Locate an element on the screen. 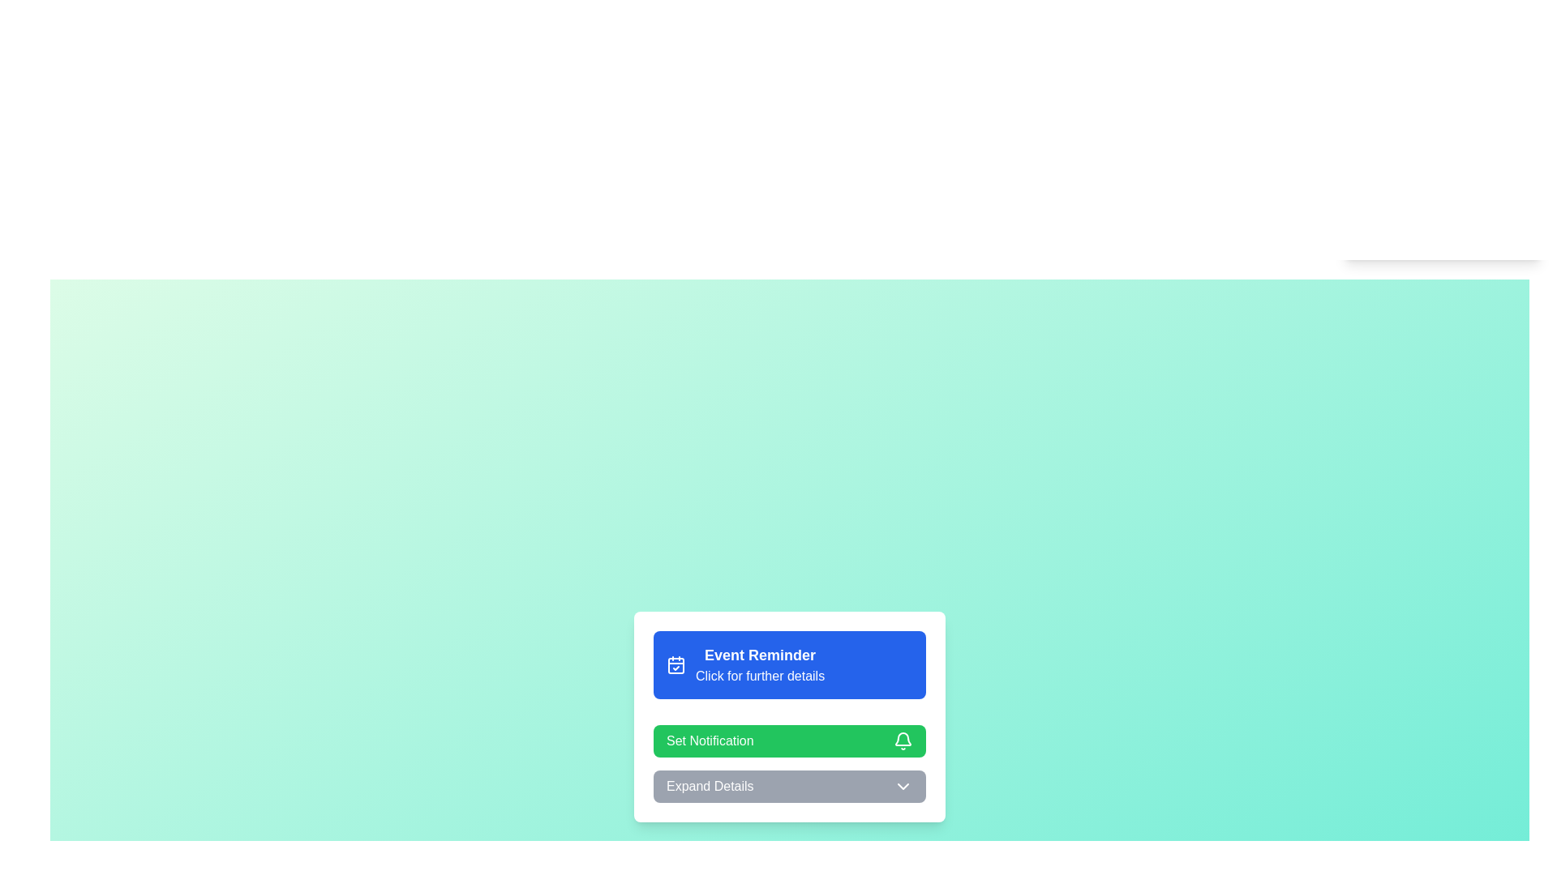 The image size is (1557, 875). 'Expand Details' text label, which is a white font on a gray background, positioned on the left side of a horizontal group at the bottom of a vertically stacked panel is located at coordinates (710, 786).